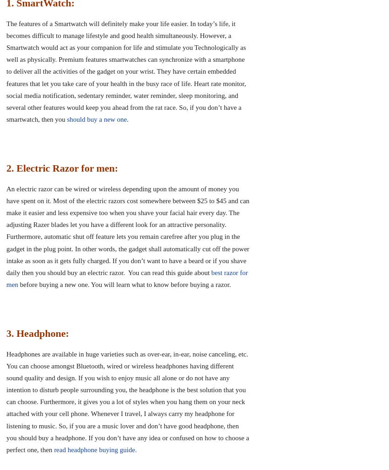 This screenshot has width=389, height=470. Describe the element at coordinates (38, 333) in the screenshot. I see `'3. Headphone:'` at that location.